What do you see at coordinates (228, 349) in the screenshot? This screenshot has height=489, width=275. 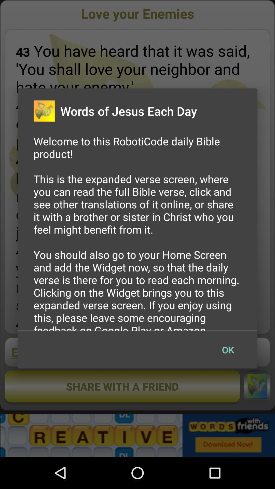 I see `the ok icon` at bounding box center [228, 349].